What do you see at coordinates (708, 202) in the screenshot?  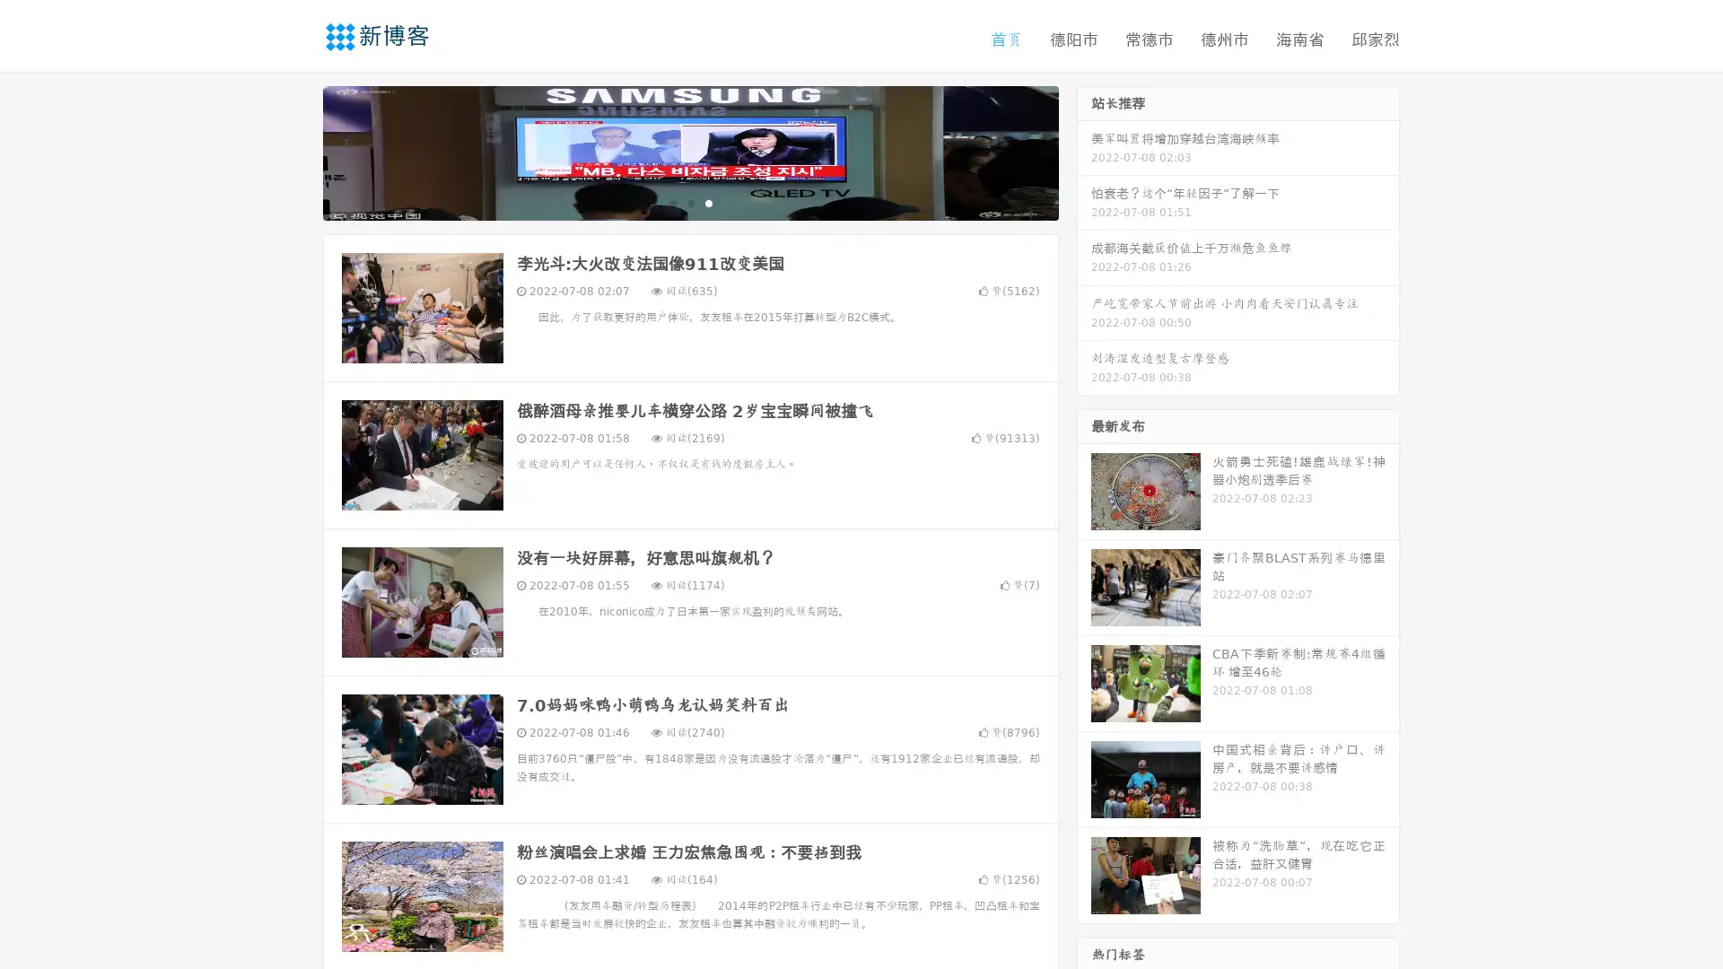 I see `Go to slide 3` at bounding box center [708, 202].